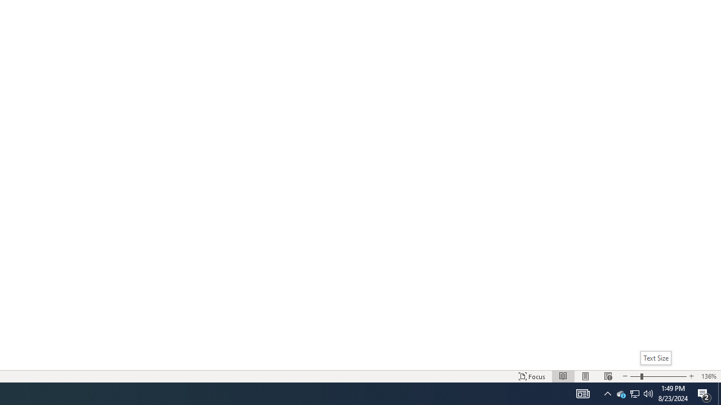 The image size is (721, 405). Describe the element at coordinates (691, 376) in the screenshot. I see `'Increase Text Size'` at that location.